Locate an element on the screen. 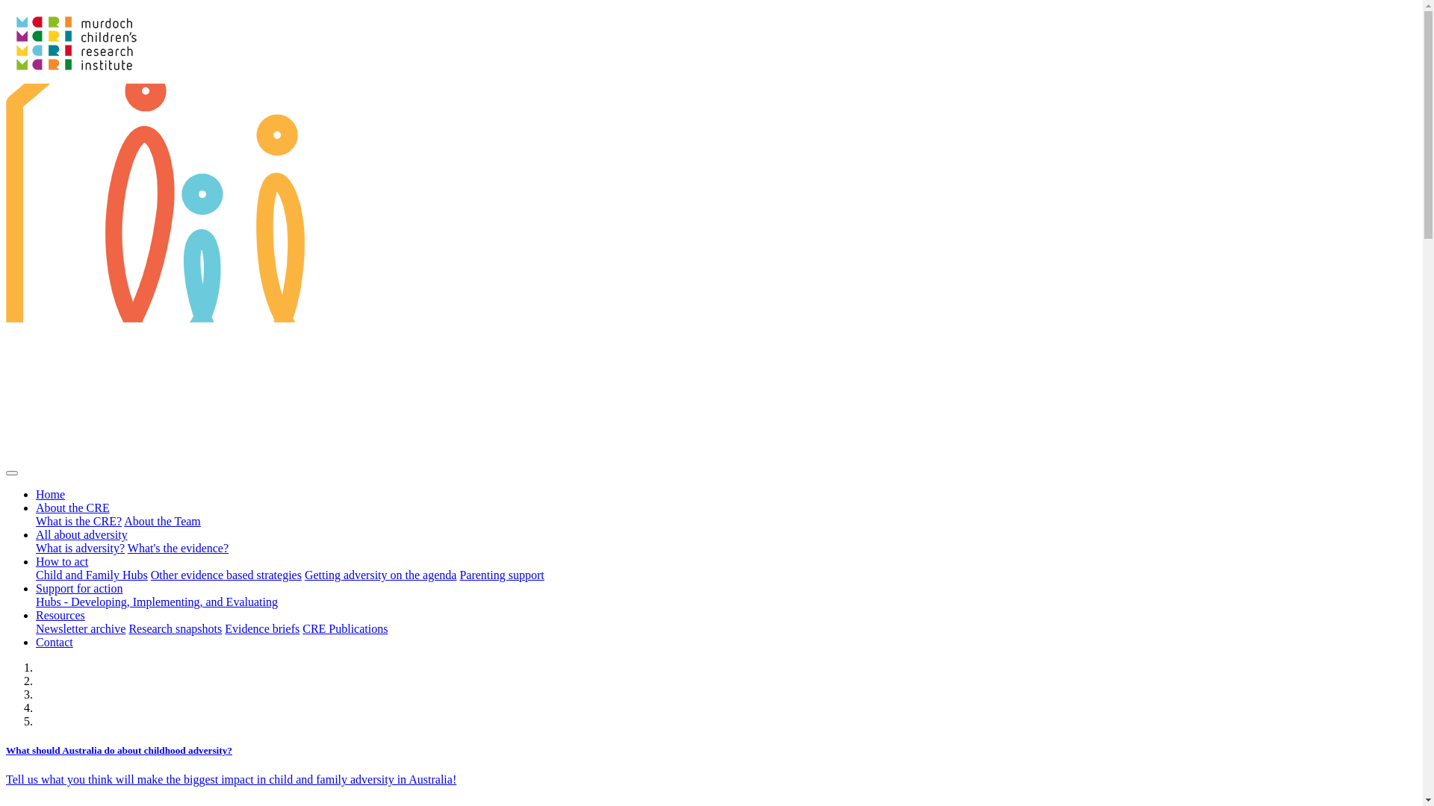  'About the Team' is located at coordinates (162, 520).